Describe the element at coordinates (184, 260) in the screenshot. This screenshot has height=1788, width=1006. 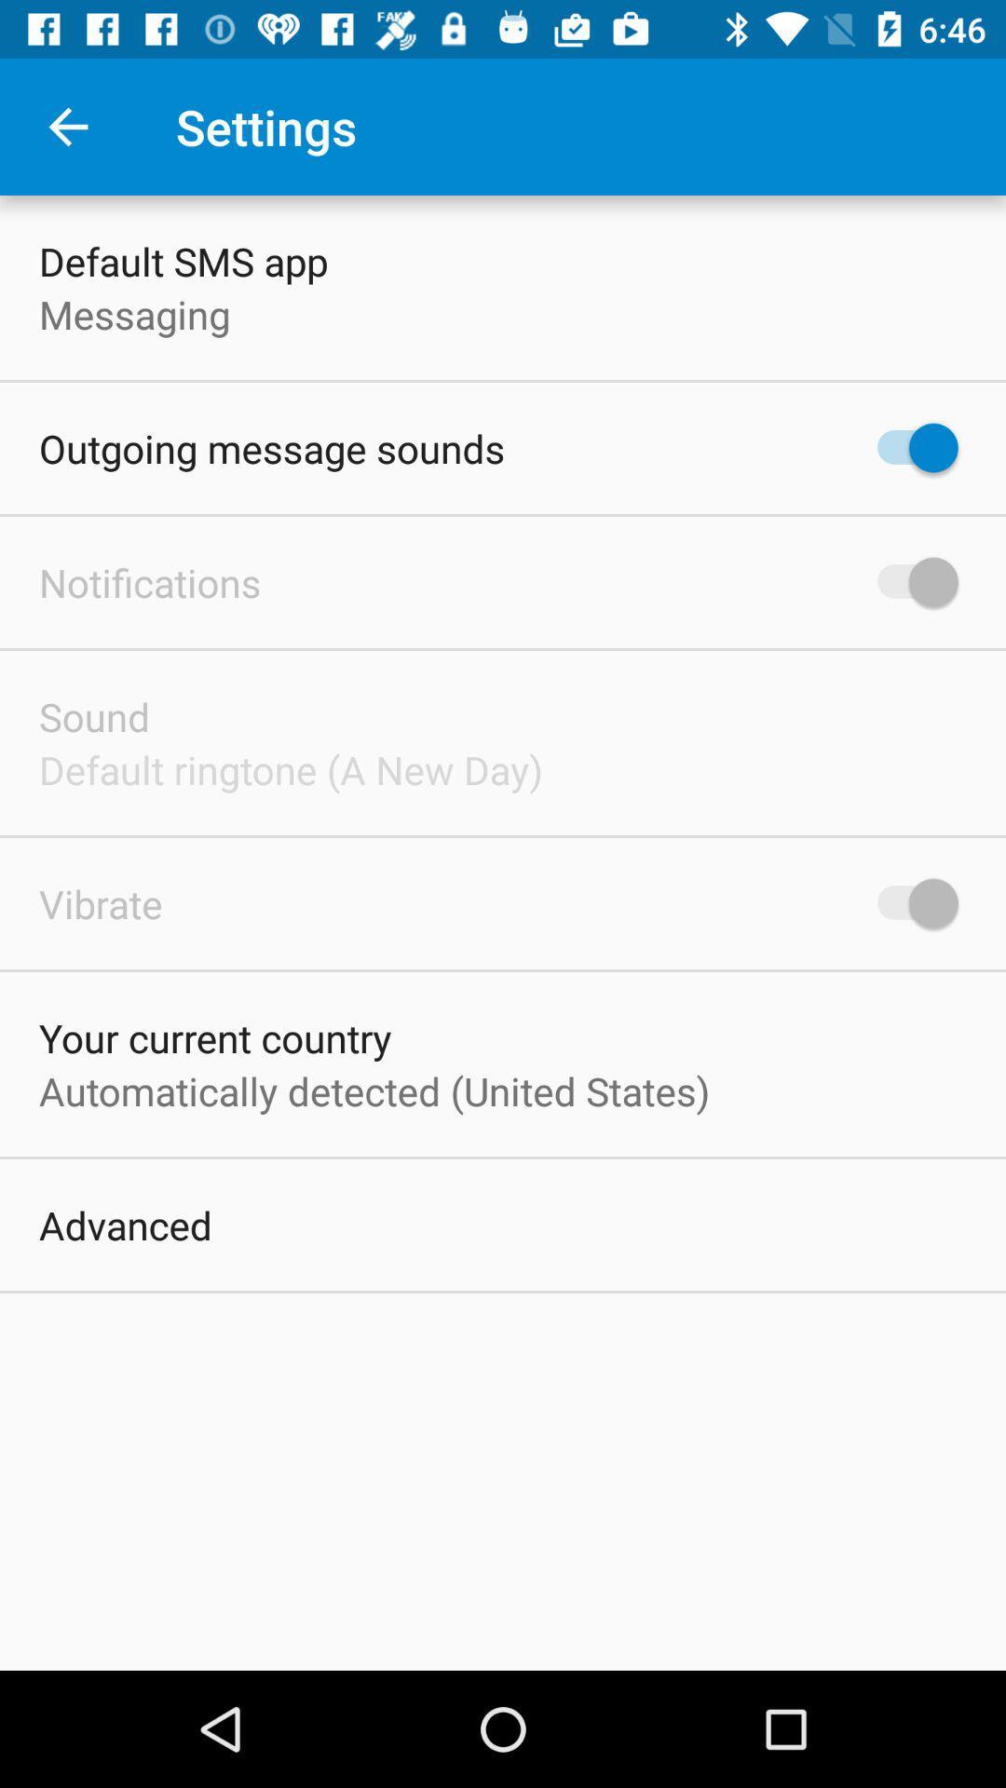
I see `the icon above messaging item` at that location.